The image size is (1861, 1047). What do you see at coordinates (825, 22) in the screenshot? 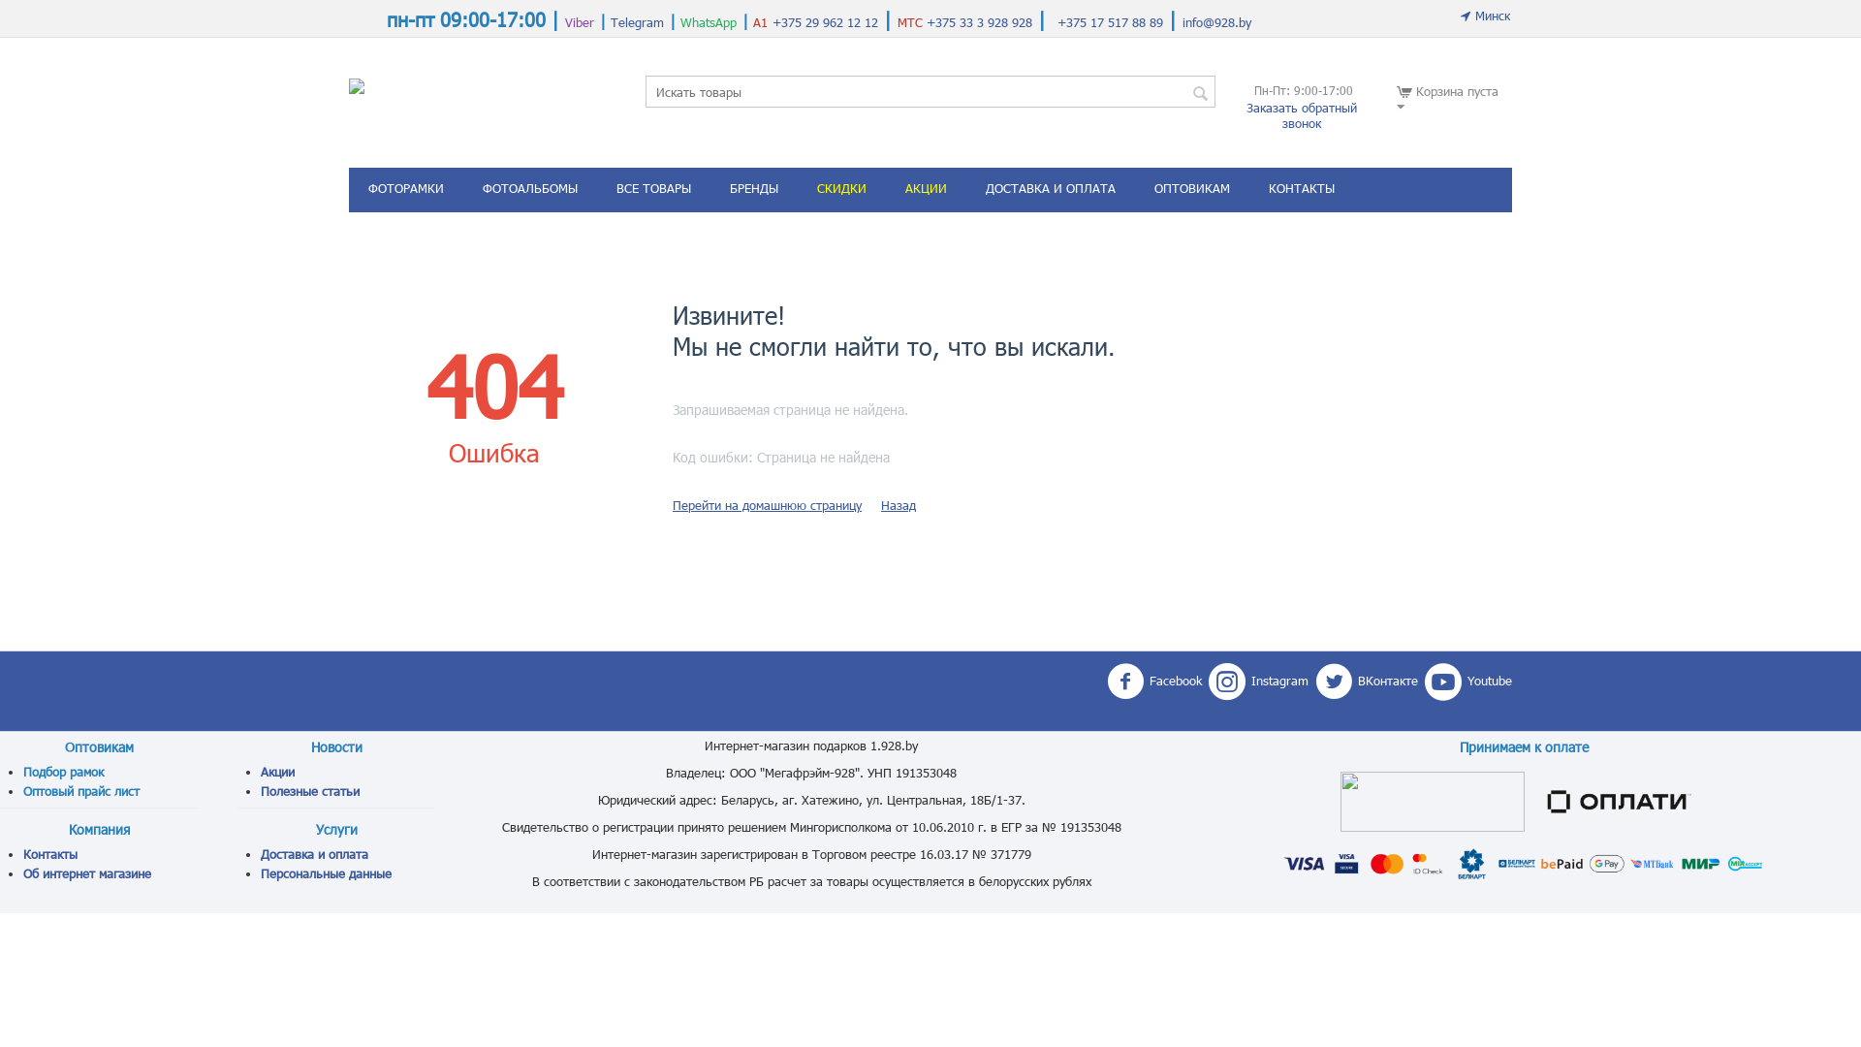
I see `'+375 29 962 12 12'` at bounding box center [825, 22].